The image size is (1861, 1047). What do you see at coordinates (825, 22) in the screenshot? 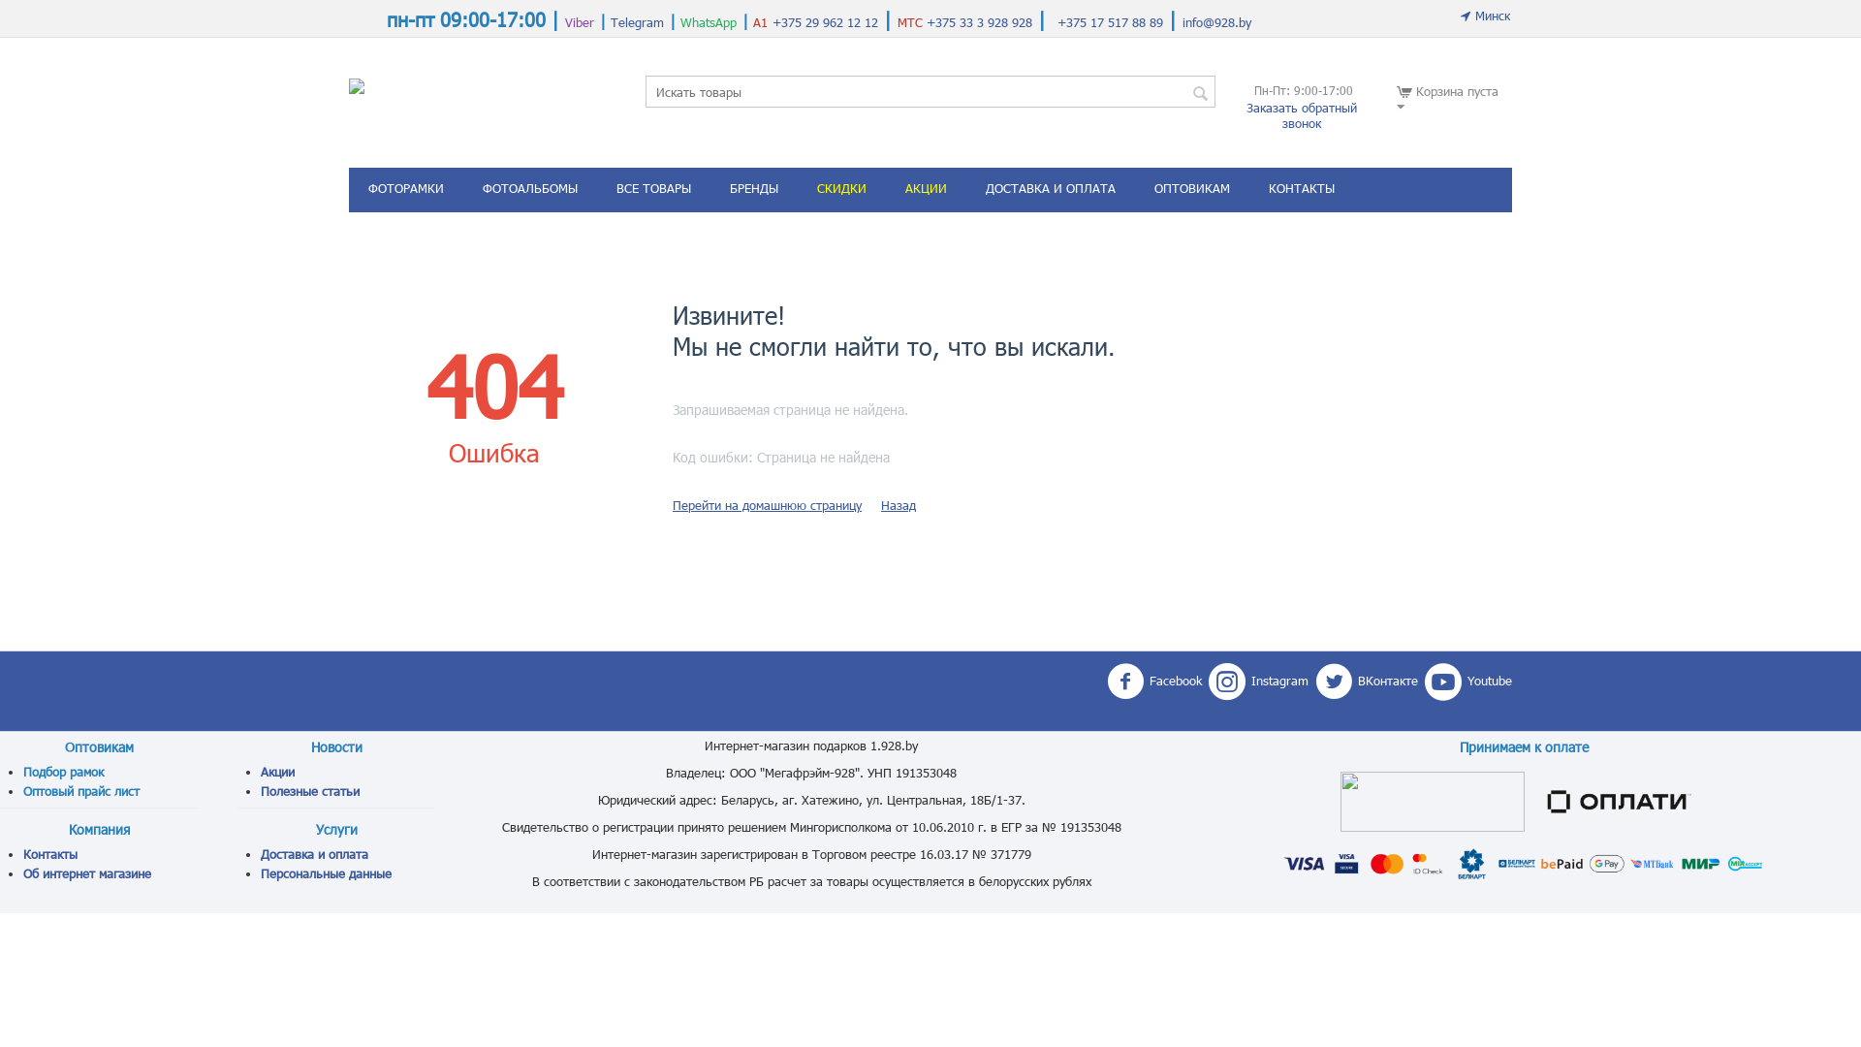
I see `'+375 29 962 12 12'` at bounding box center [825, 22].